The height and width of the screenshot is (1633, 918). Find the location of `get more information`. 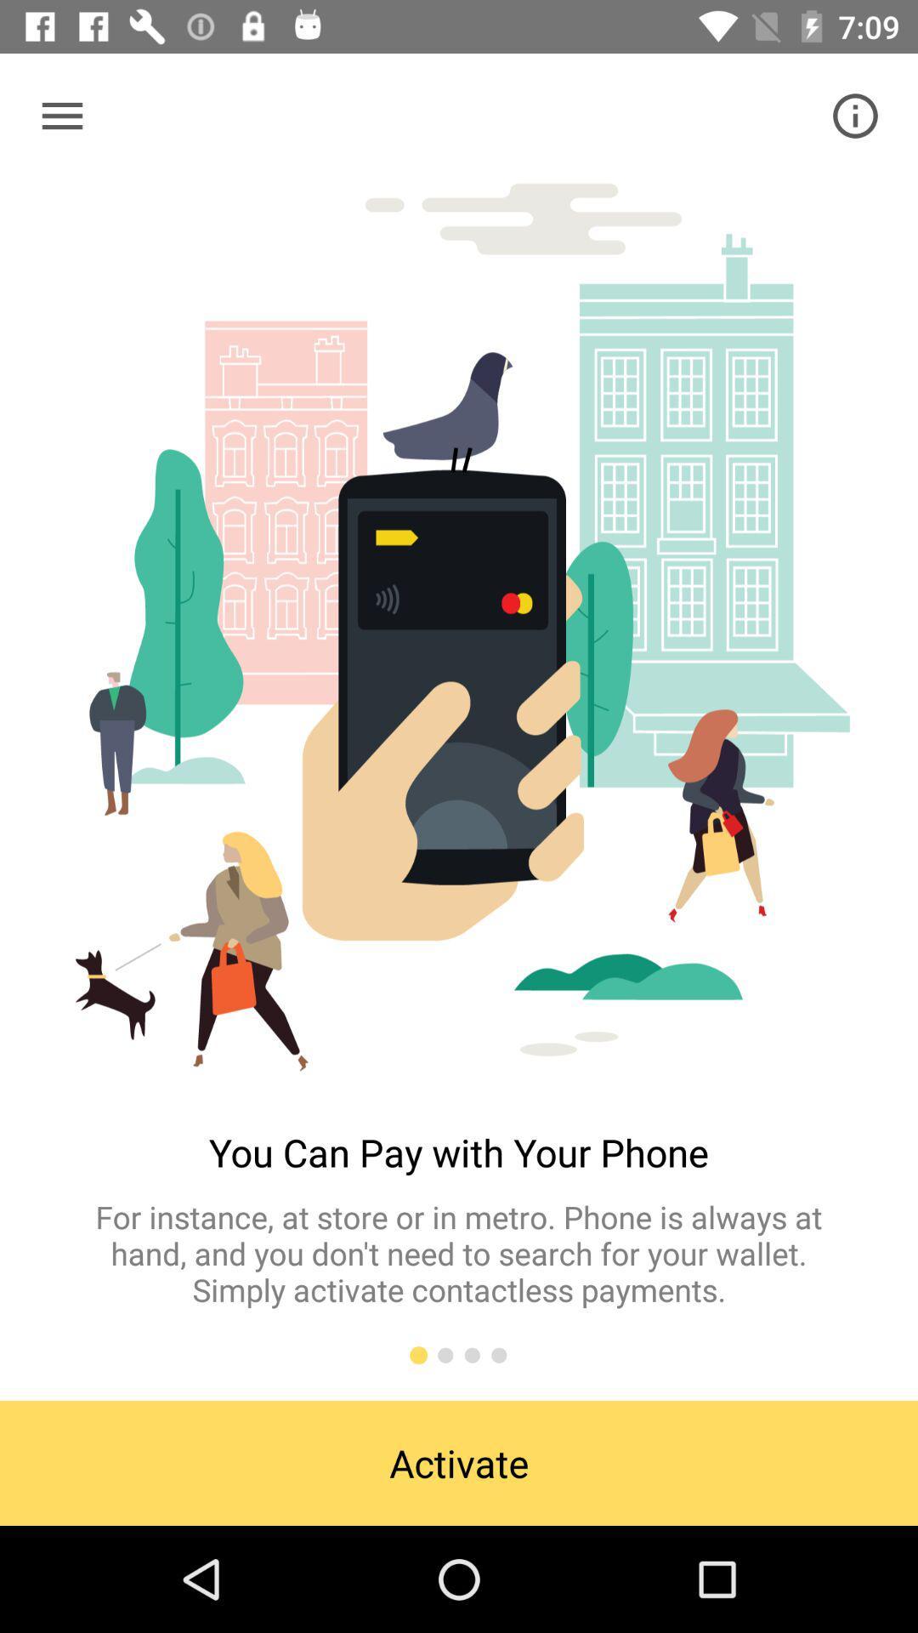

get more information is located at coordinates (855, 115).